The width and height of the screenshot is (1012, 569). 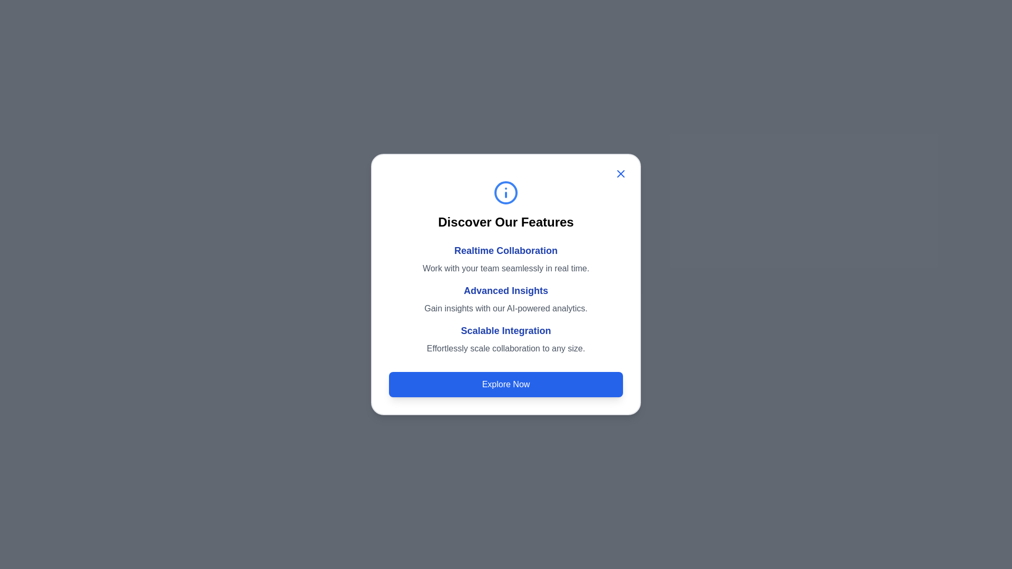 I want to click on the interactive regions of the Informational modal titled 'Discover Our Features', which includes sections like 'Realtime Collaboration', 'Advanced Insights', and the blue button labeled 'Explore Now', so click(x=506, y=284).